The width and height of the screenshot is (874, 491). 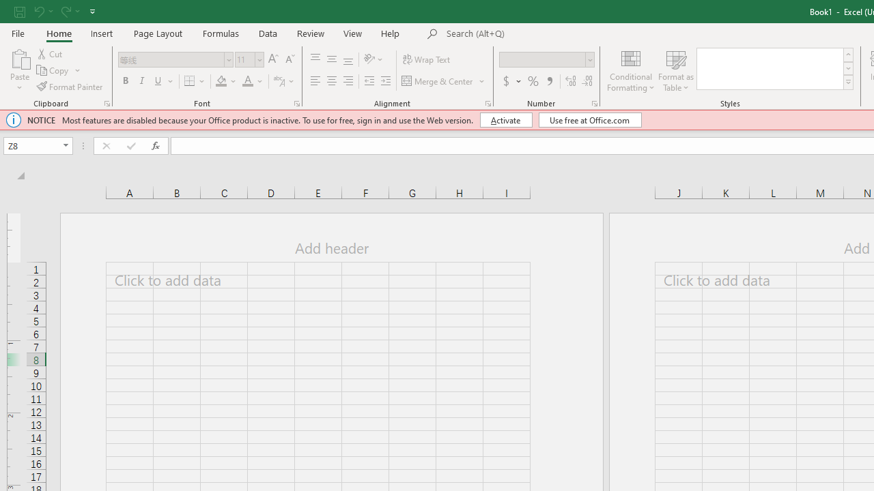 What do you see at coordinates (331, 59) in the screenshot?
I see `'Middle Align'` at bounding box center [331, 59].